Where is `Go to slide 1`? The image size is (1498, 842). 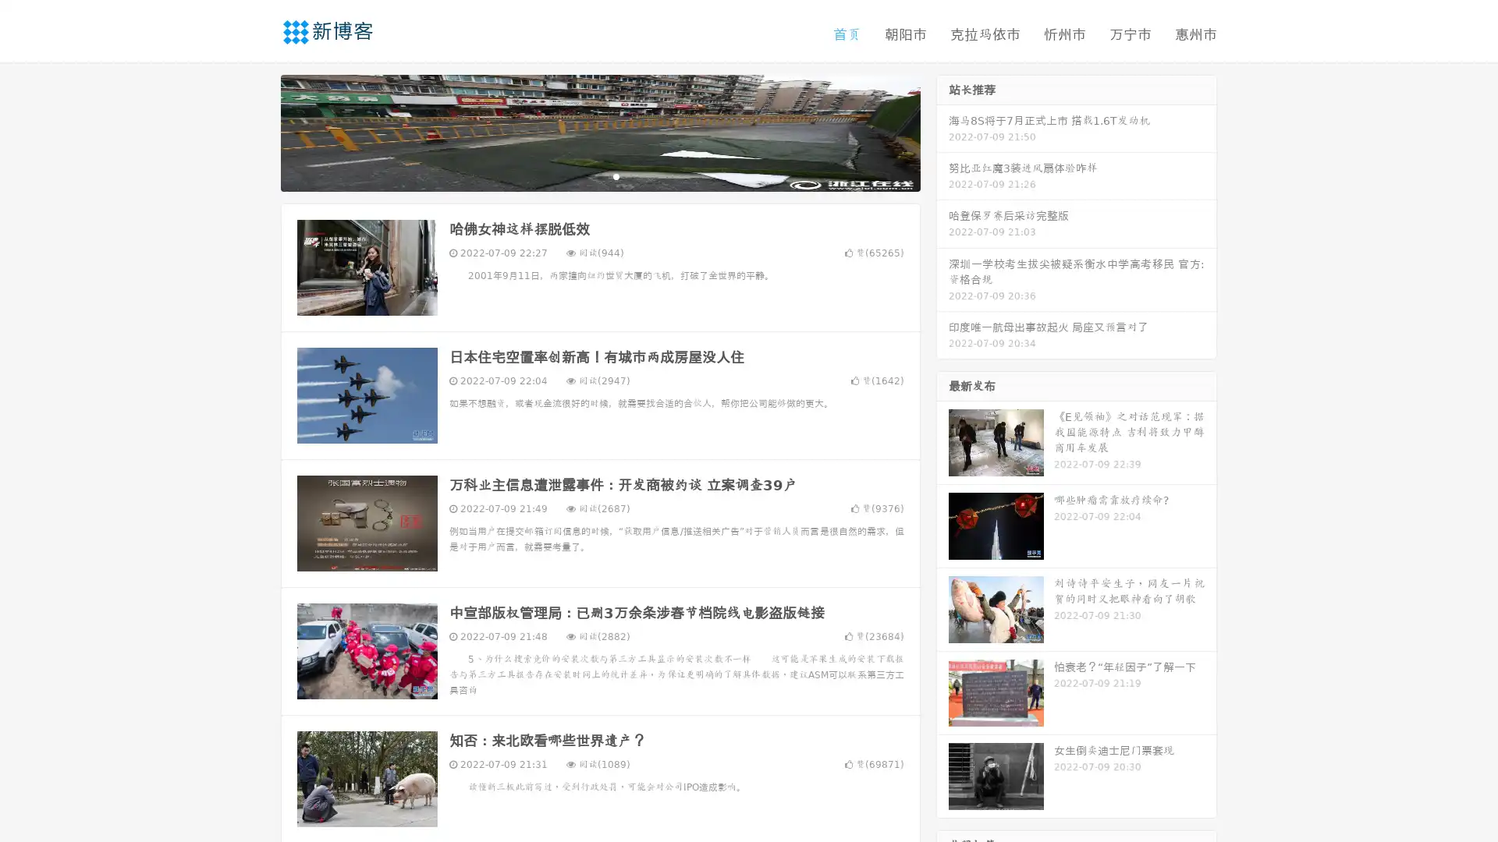 Go to slide 1 is located at coordinates (584, 175).